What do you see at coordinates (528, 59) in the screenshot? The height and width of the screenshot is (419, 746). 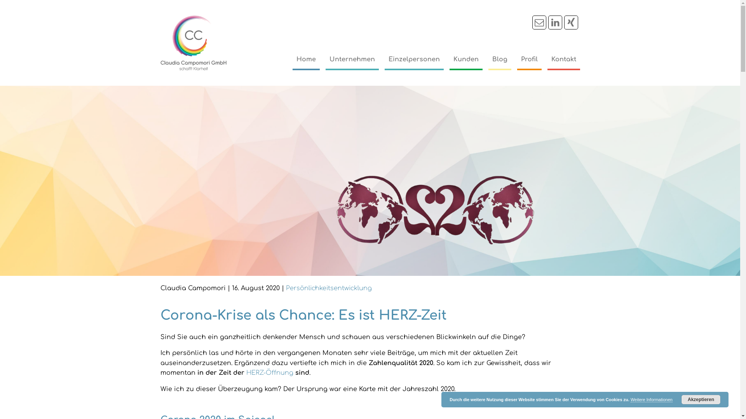 I see `'Profil'` at bounding box center [528, 59].